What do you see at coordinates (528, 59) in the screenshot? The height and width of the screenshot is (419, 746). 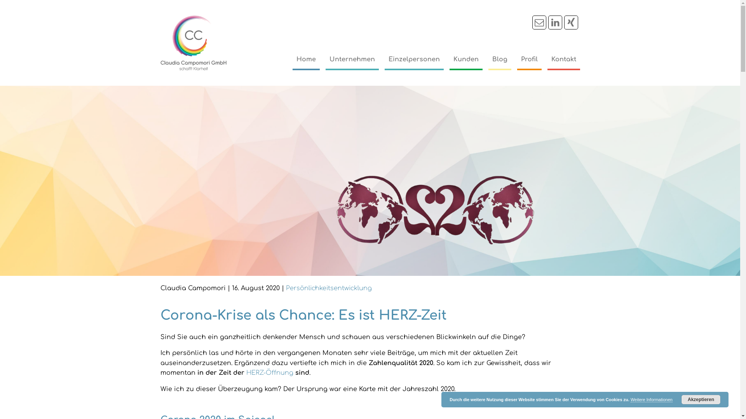 I see `'Profil'` at bounding box center [528, 59].